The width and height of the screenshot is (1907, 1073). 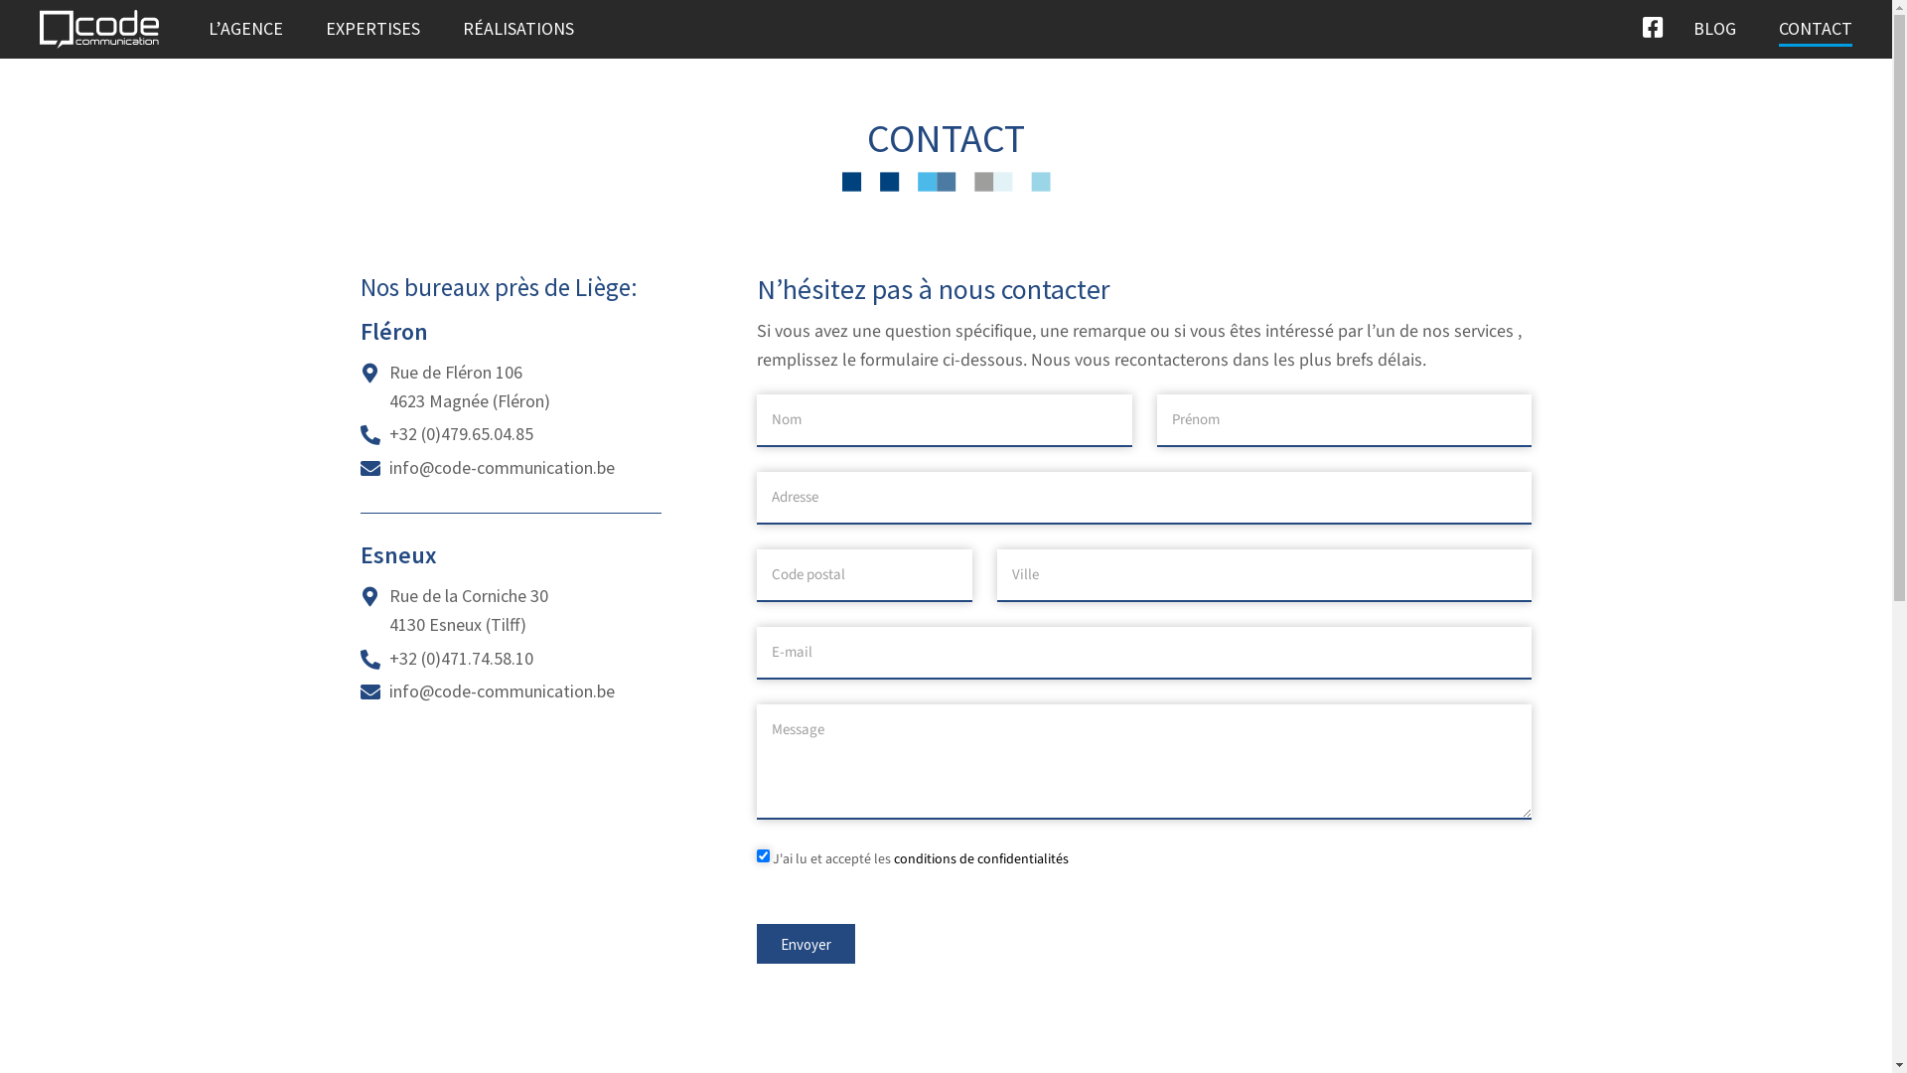 What do you see at coordinates (806, 942) in the screenshot?
I see `'Envoyer'` at bounding box center [806, 942].